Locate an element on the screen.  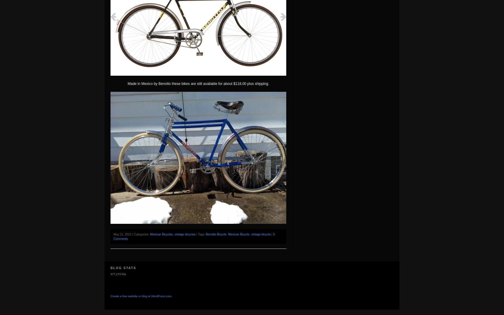
'Blog Stats' is located at coordinates (123, 267).